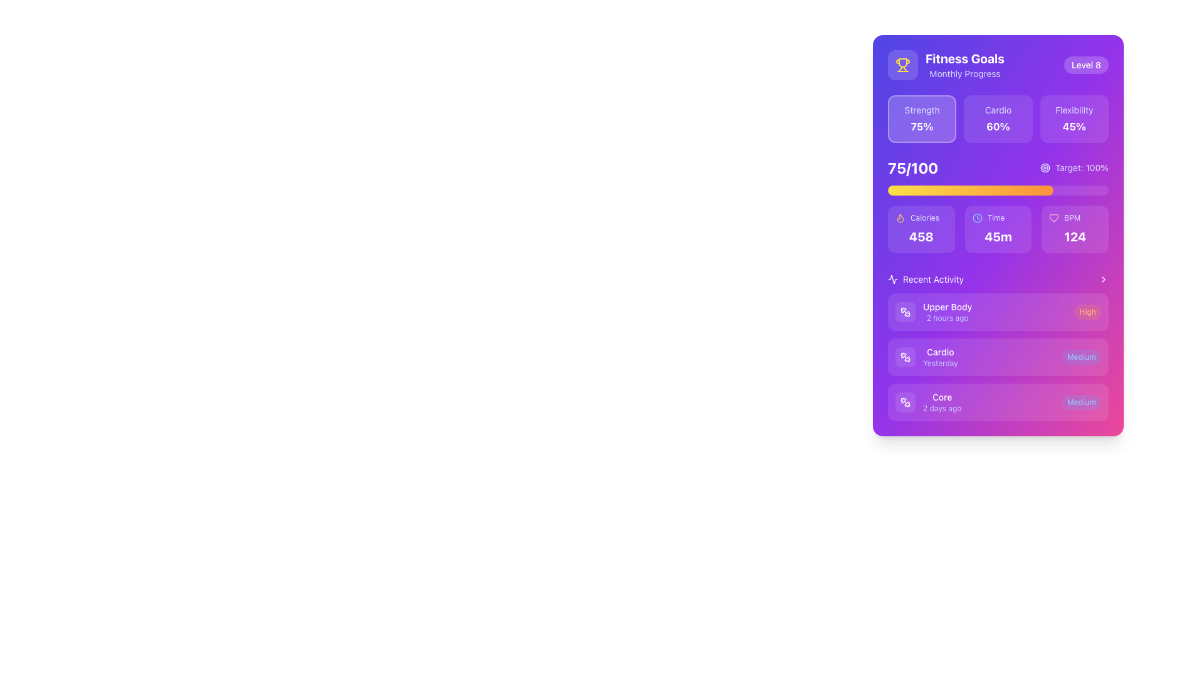 The image size is (1204, 677). Describe the element at coordinates (906, 402) in the screenshot. I see `the small square-shaped area with a white dumbbell icon inside, which has a purple background and rounded corners, located at the beginning of the 'Core' activity entry in the 'Recent Activity' section` at that location.